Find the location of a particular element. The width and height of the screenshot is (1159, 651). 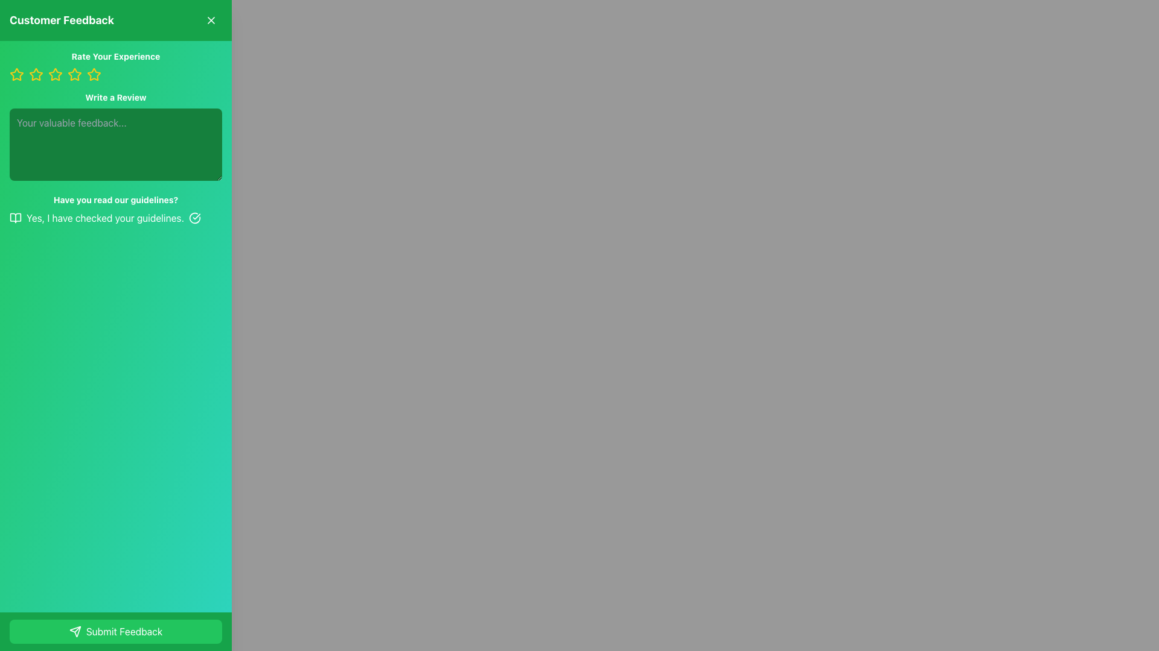

the open book icon in the feedback panel, located to the right of the checkbox text 'Yes, I have checked your guidelines.' is located at coordinates (15, 218).